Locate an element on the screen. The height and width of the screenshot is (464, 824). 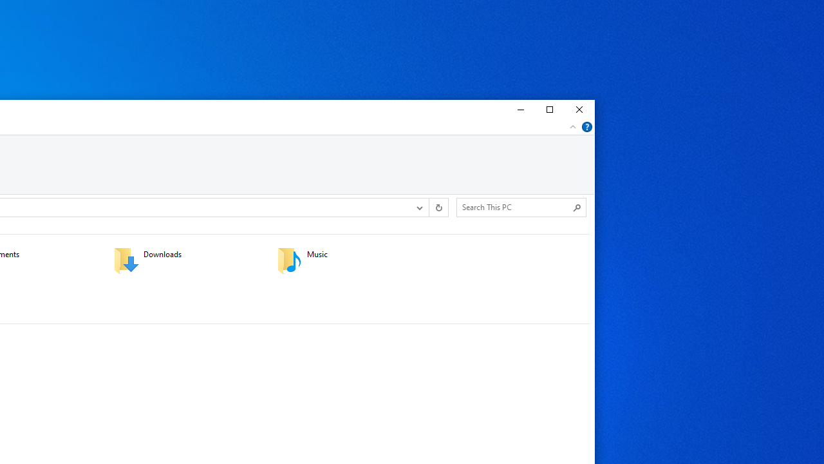
'Maximize' is located at coordinates (549, 110).